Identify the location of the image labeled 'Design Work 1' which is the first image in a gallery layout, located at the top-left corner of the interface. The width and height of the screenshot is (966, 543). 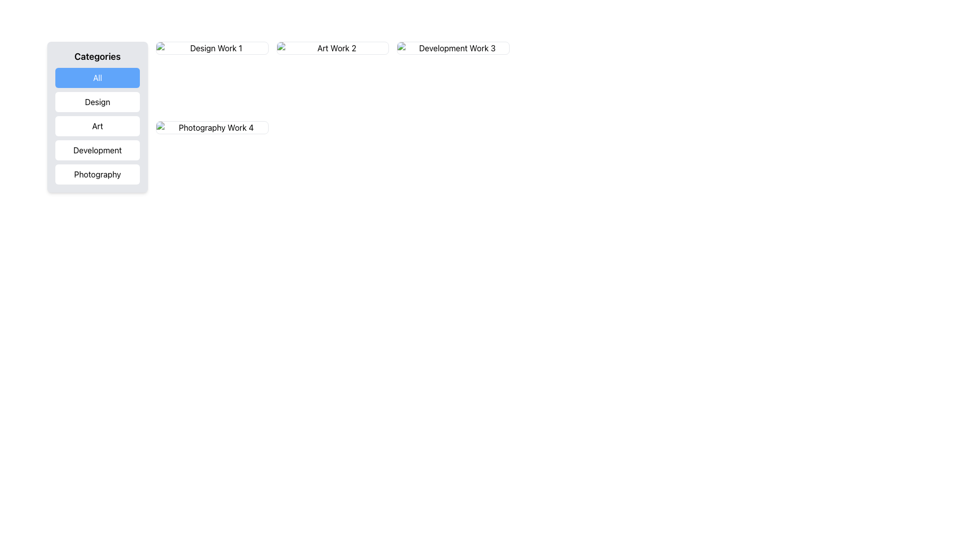
(211, 48).